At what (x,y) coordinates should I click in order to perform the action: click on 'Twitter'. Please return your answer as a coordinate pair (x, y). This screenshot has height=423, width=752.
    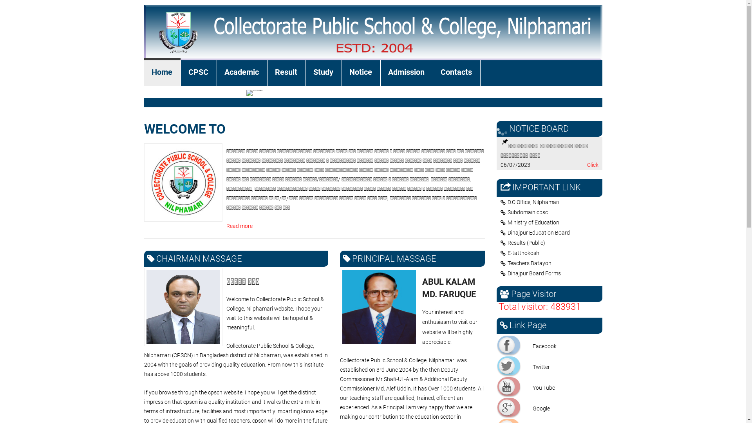
    Looking at the image, I should click on (509, 365).